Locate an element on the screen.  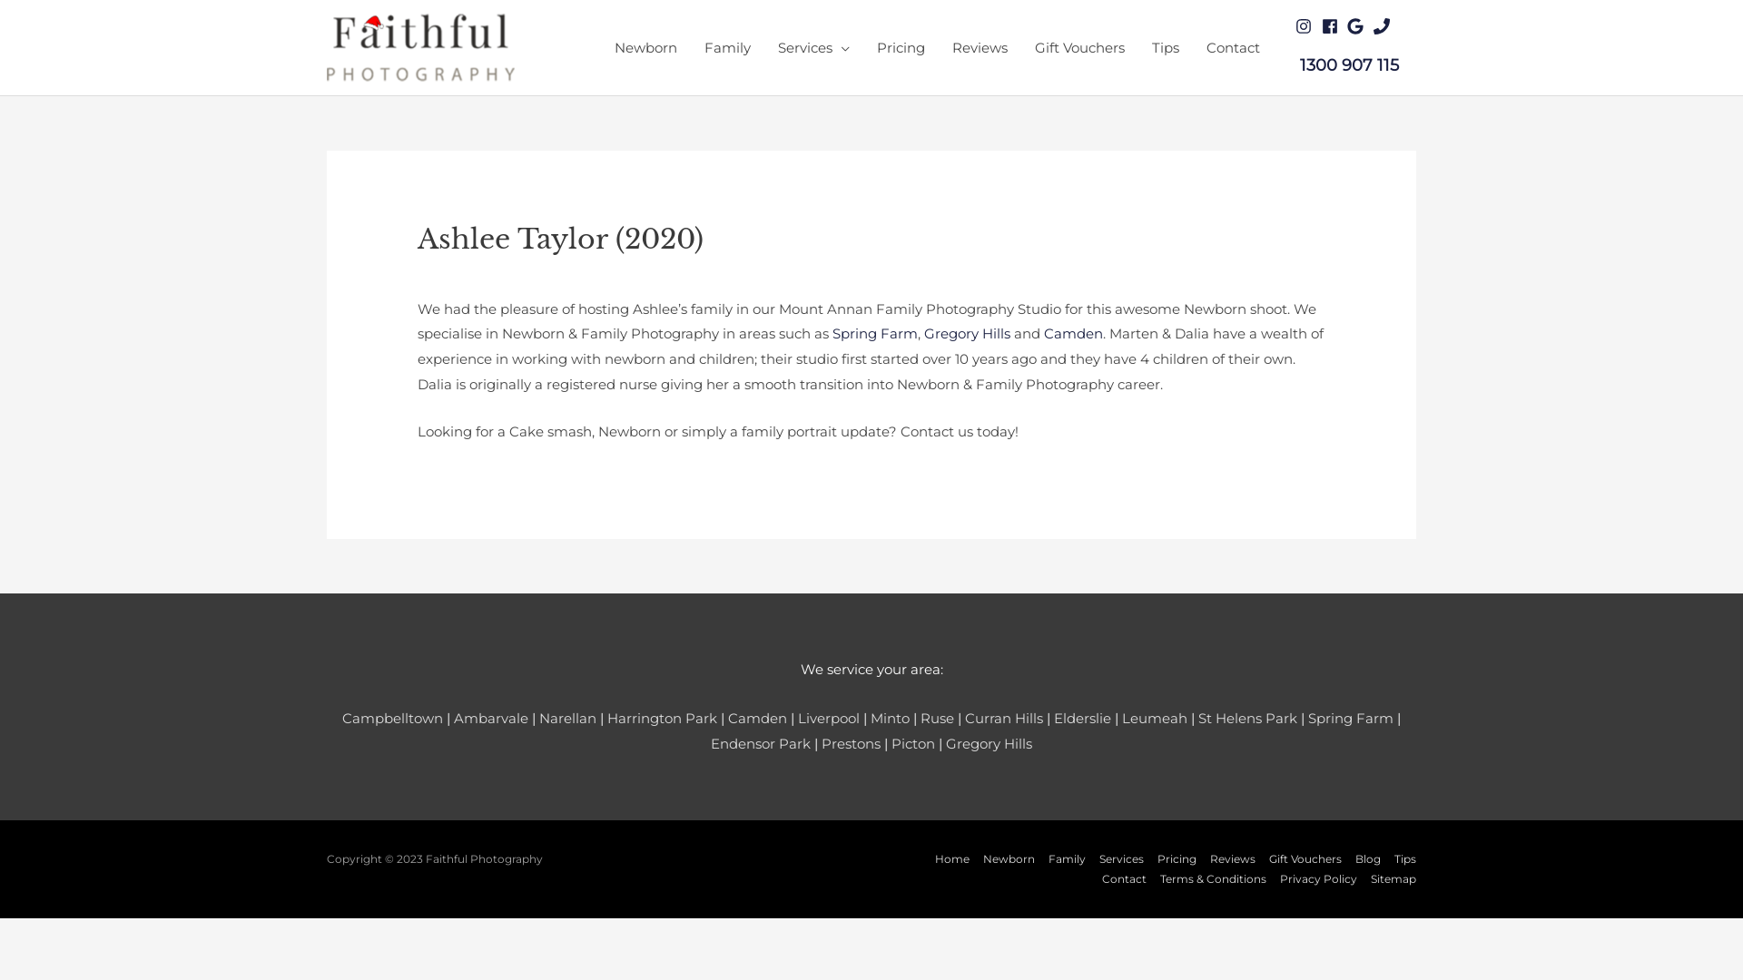
'Prestons' is located at coordinates (850, 743).